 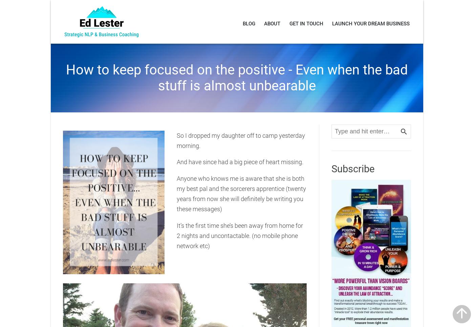 What do you see at coordinates (371, 23) in the screenshot?
I see `'LAUNCH YOUR DREAM BUSINESS'` at bounding box center [371, 23].